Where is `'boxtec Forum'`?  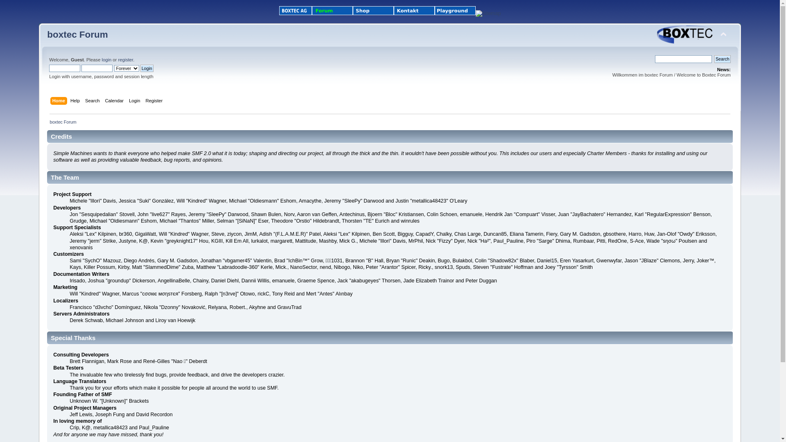 'boxtec Forum' is located at coordinates (49, 122).